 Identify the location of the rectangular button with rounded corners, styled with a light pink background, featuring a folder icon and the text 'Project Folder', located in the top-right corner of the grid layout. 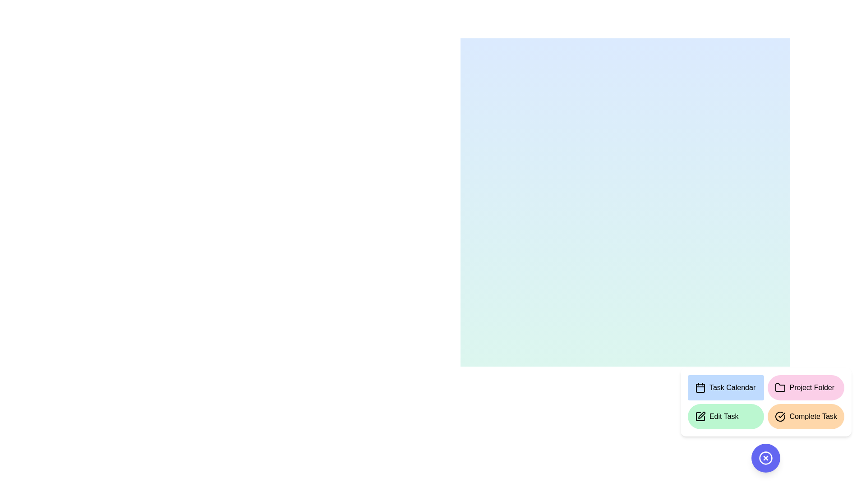
(806, 387).